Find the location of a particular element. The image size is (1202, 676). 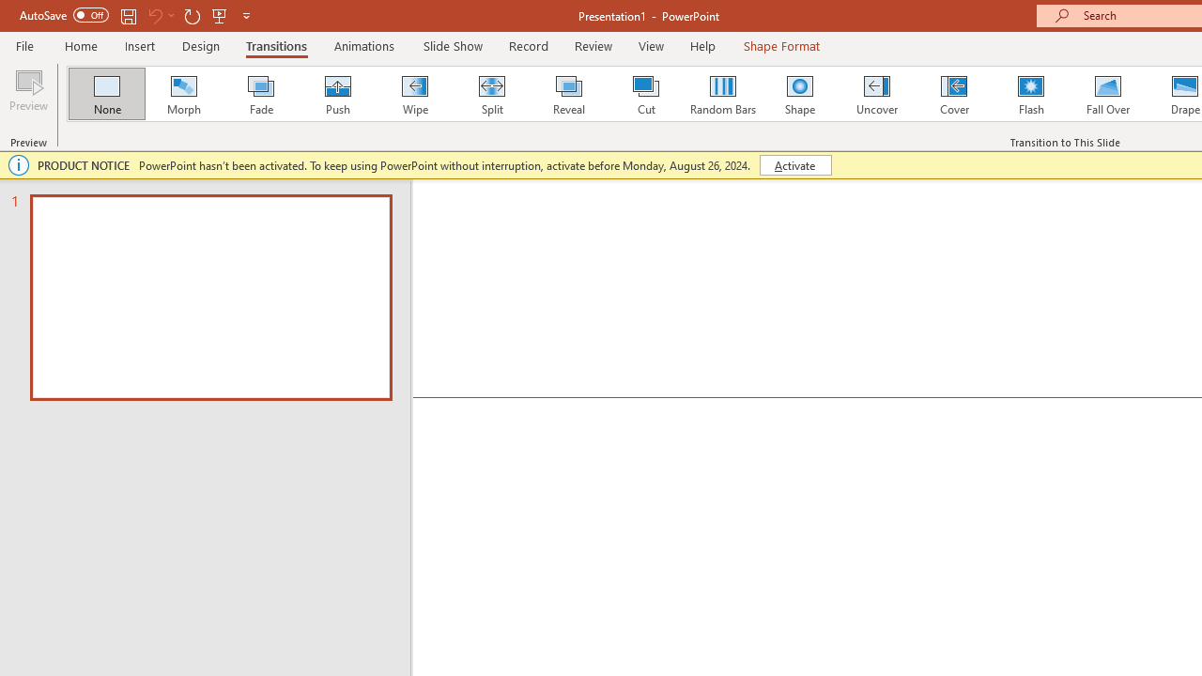

'Shape' is located at coordinates (800, 94).